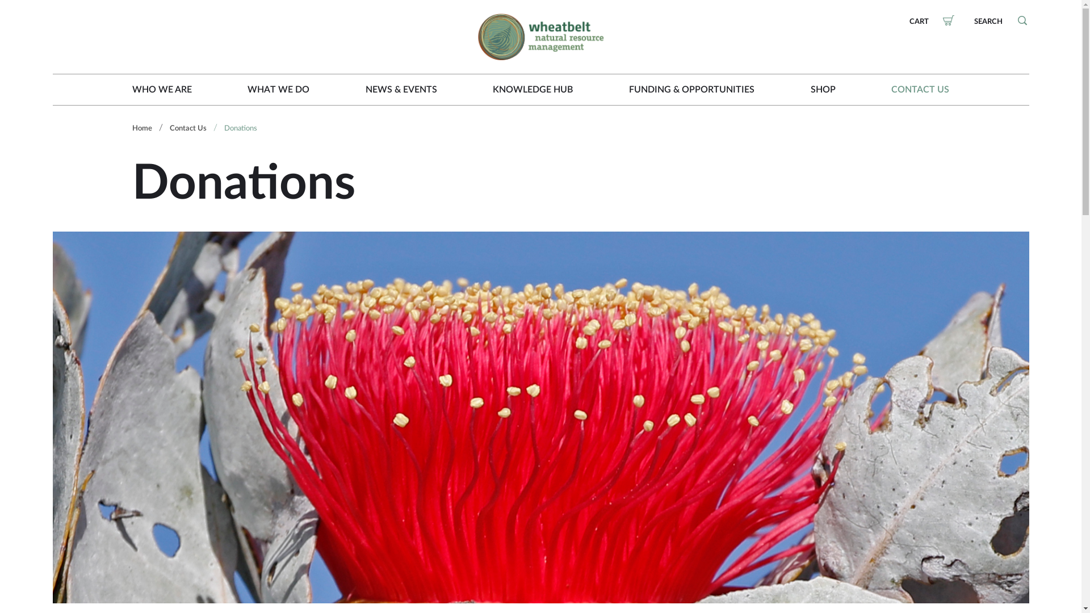 This screenshot has width=1090, height=613. I want to click on 'NEWS & EVENTS', so click(401, 89).